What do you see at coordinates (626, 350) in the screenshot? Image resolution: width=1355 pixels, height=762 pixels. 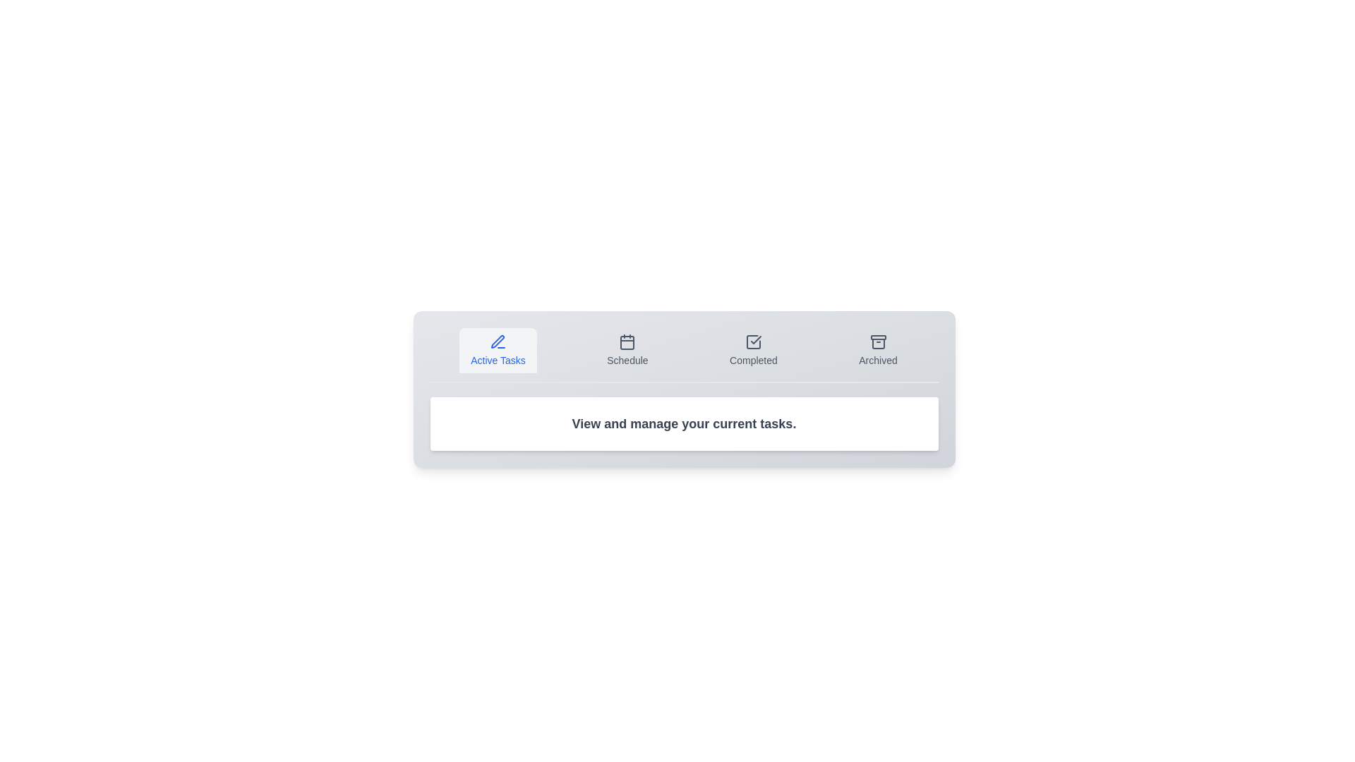 I see `the tab labeled Schedule` at bounding box center [626, 350].